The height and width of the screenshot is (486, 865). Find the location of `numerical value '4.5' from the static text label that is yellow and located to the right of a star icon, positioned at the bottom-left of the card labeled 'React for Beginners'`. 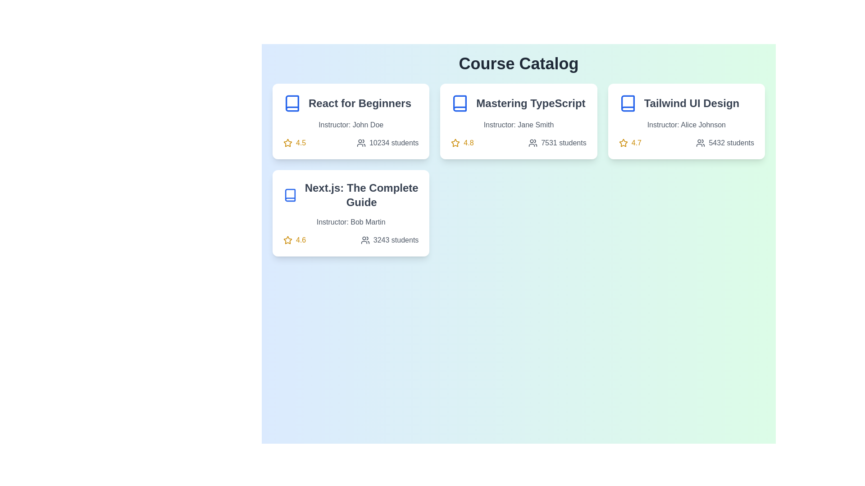

numerical value '4.5' from the static text label that is yellow and located to the right of a star icon, positioned at the bottom-left of the card labeled 'React for Beginners' is located at coordinates (301, 142).